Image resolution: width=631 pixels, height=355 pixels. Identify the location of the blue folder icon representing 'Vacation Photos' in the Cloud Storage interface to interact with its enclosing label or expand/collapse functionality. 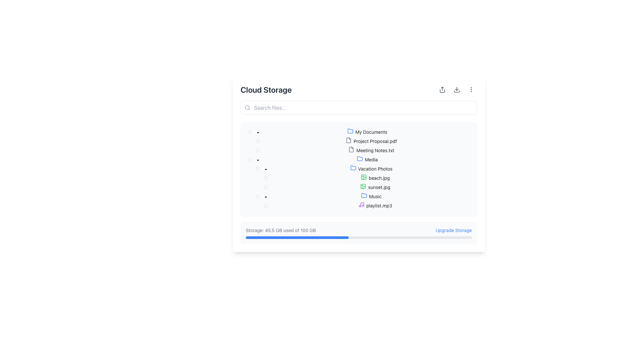
(353, 167).